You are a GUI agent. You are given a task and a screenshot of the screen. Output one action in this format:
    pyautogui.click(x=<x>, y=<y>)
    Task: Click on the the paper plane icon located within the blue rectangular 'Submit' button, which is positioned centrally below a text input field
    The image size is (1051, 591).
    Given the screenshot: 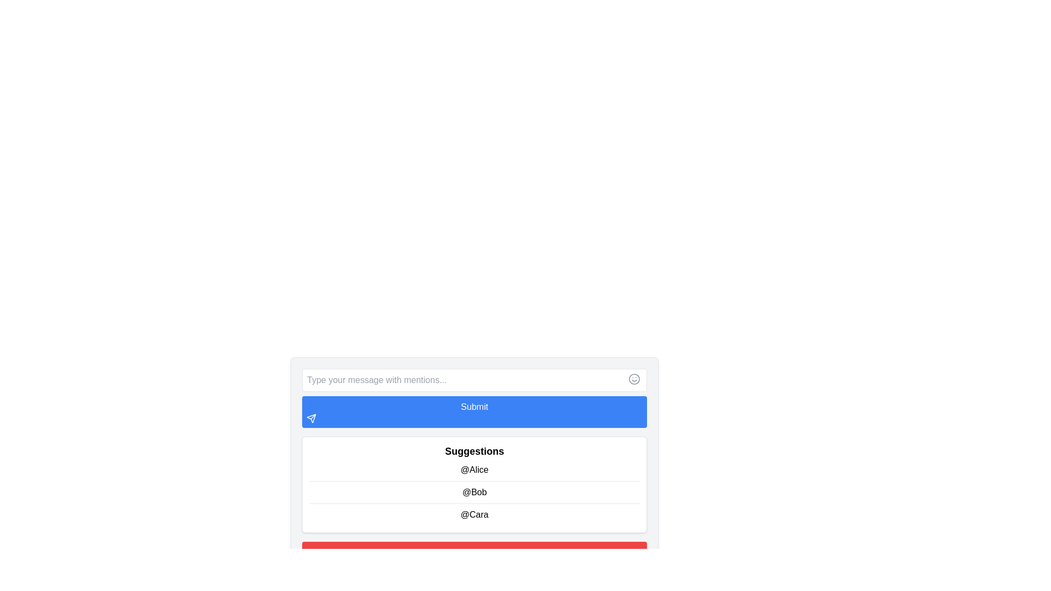 What is the action you would take?
    pyautogui.click(x=311, y=418)
    